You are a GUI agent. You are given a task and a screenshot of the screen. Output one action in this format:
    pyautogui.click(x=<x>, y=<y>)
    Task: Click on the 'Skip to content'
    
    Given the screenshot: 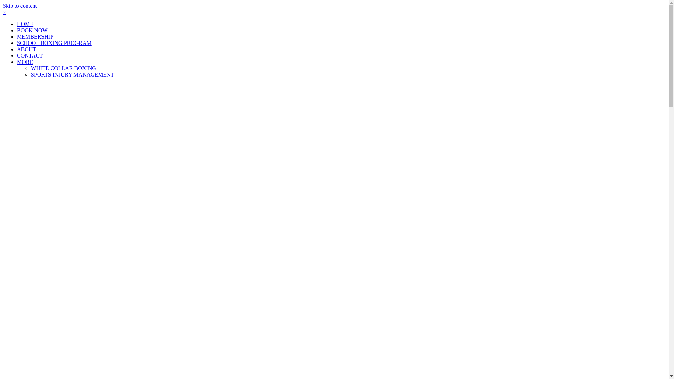 What is the action you would take?
    pyautogui.click(x=20, y=6)
    